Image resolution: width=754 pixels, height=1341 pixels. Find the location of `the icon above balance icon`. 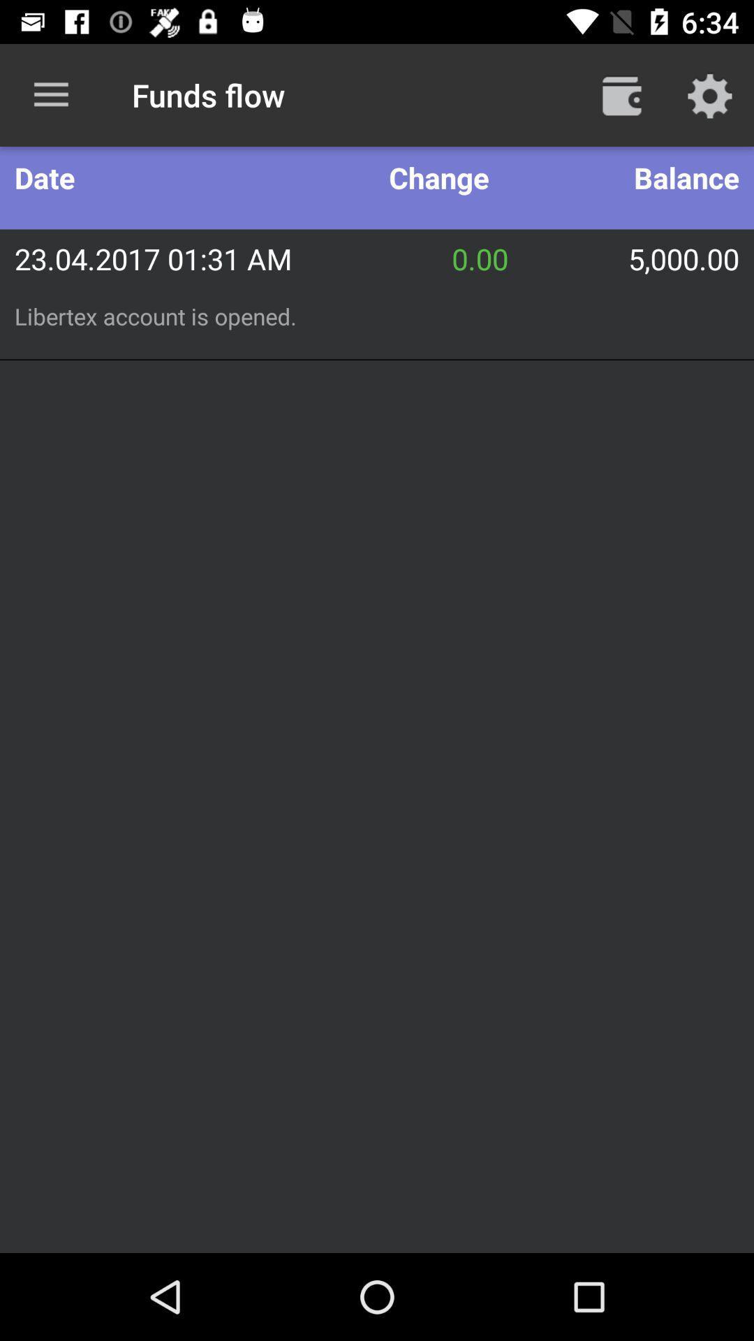

the icon above balance icon is located at coordinates (710, 94).